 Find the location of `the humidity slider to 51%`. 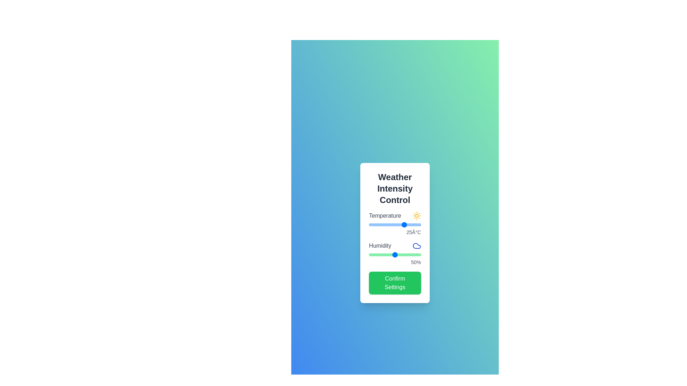

the humidity slider to 51% is located at coordinates (395, 254).